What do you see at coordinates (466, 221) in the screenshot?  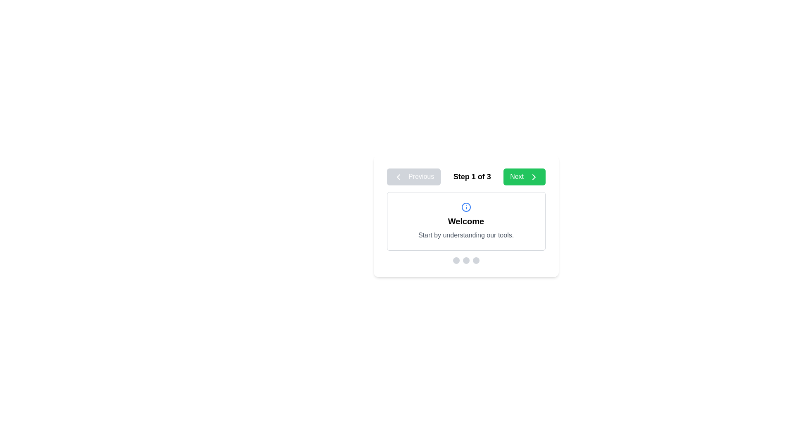 I see `the informational panel that provides a welcome message and introductory guidance about the tools available in the interface` at bounding box center [466, 221].